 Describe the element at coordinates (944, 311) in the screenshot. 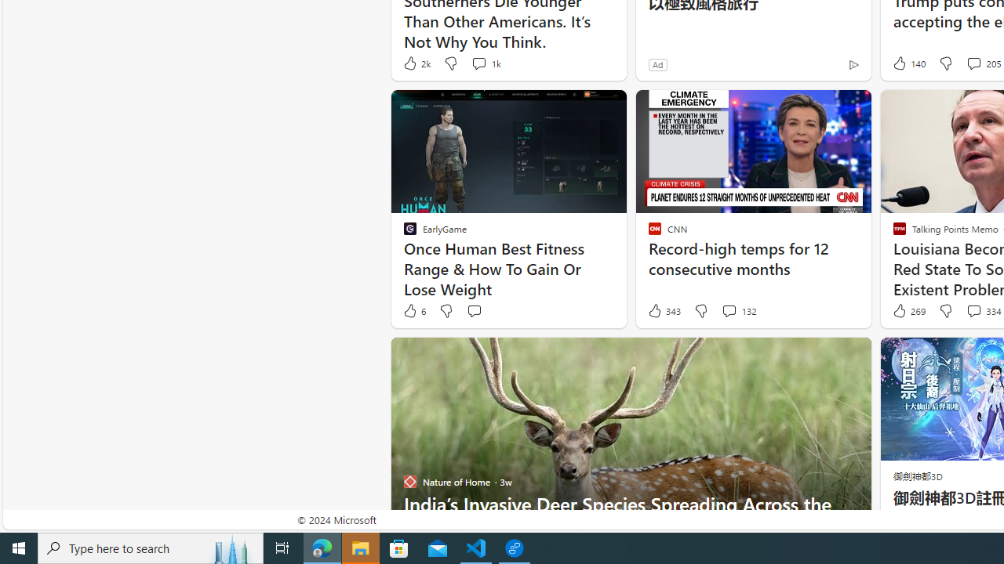

I see `'Dislike'` at that location.